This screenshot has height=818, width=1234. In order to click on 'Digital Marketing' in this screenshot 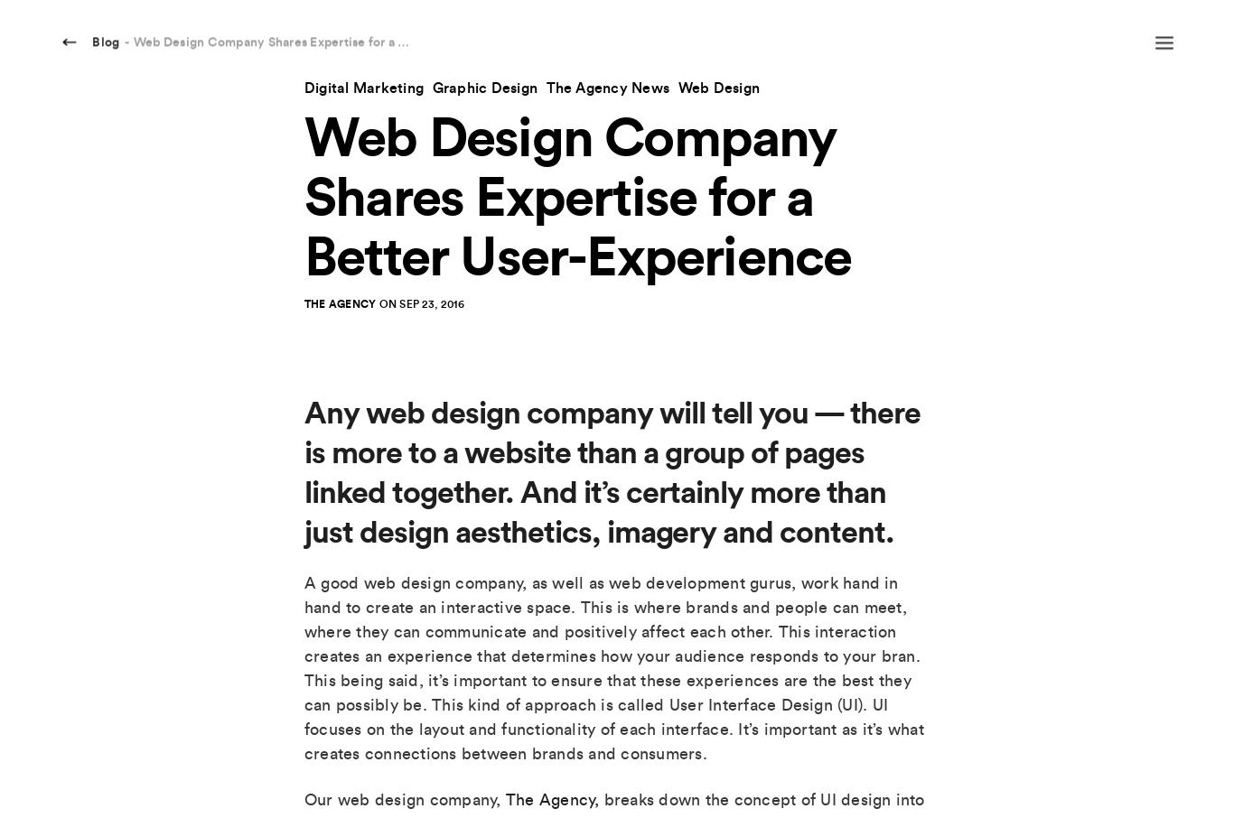, I will do `click(362, 87)`.